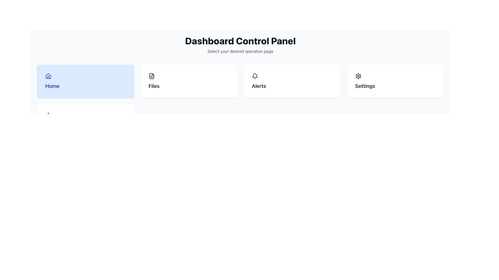  I want to click on the 'Home' button located at the top left of the interface, so click(85, 81).